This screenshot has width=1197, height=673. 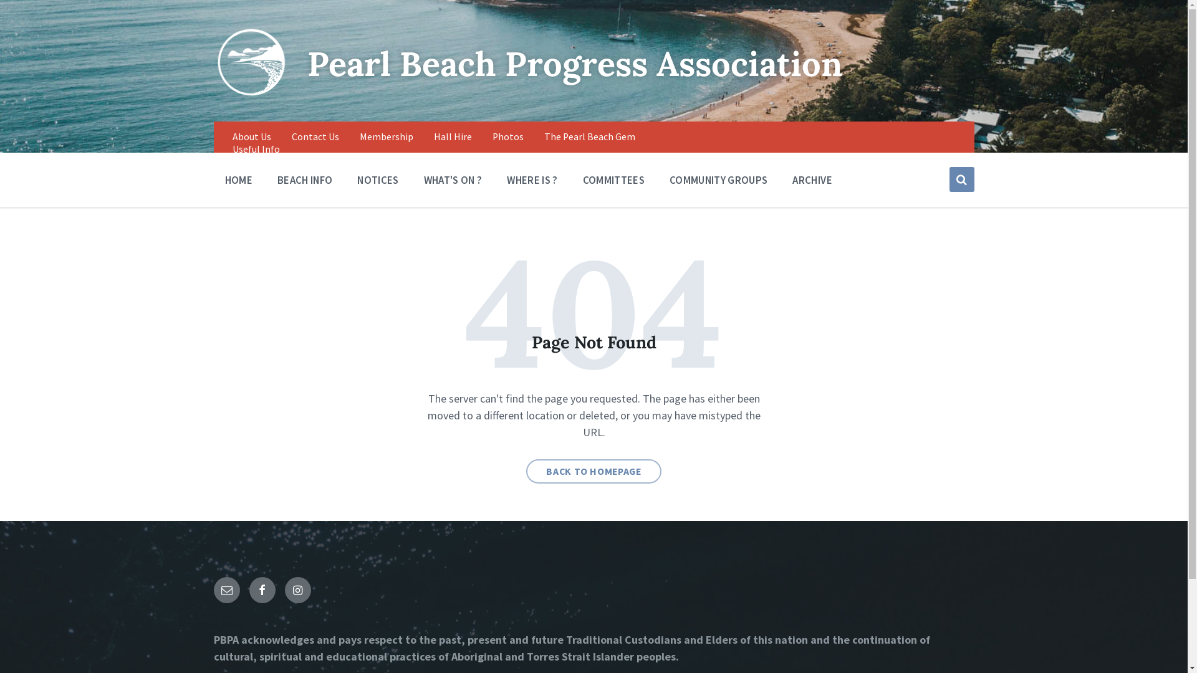 What do you see at coordinates (385, 136) in the screenshot?
I see `'Membership'` at bounding box center [385, 136].